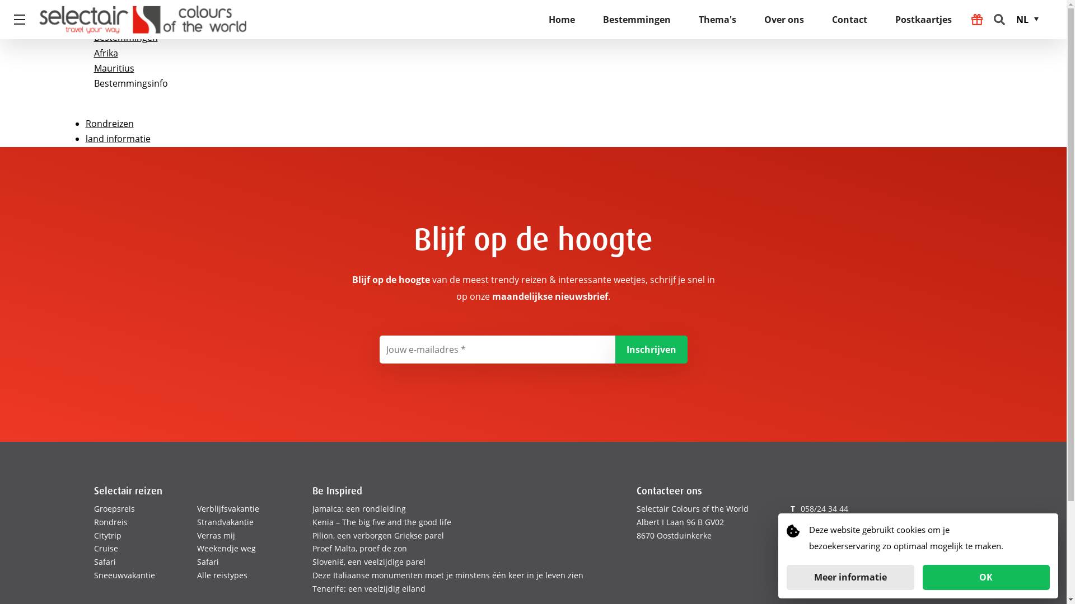 This screenshot has width=1075, height=604. What do you see at coordinates (227, 508) in the screenshot?
I see `'Verblijfsvakantie'` at bounding box center [227, 508].